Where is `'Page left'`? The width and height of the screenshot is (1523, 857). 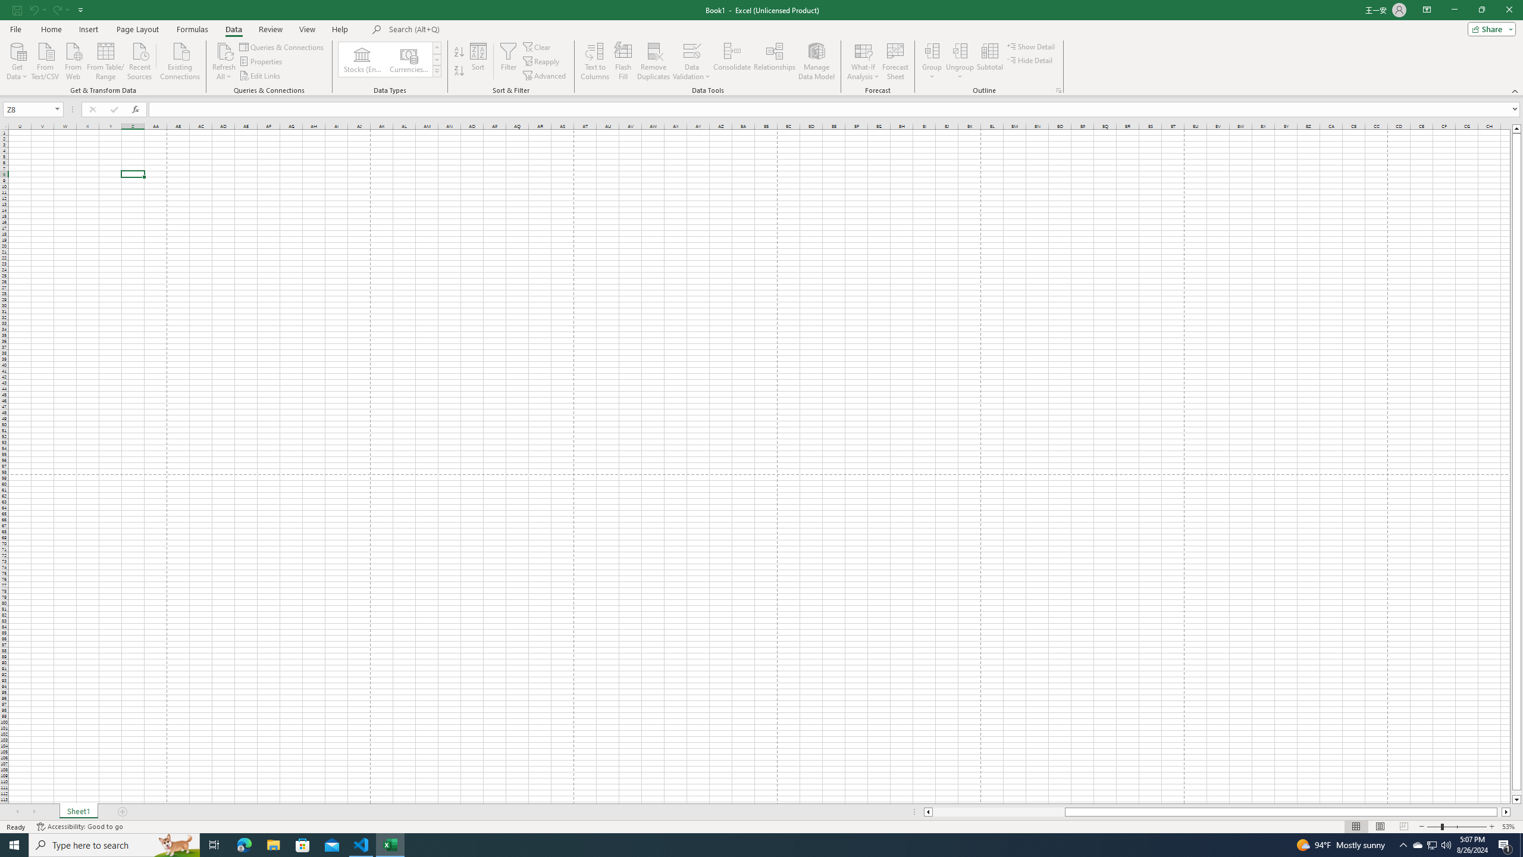 'Page left' is located at coordinates (998, 811).